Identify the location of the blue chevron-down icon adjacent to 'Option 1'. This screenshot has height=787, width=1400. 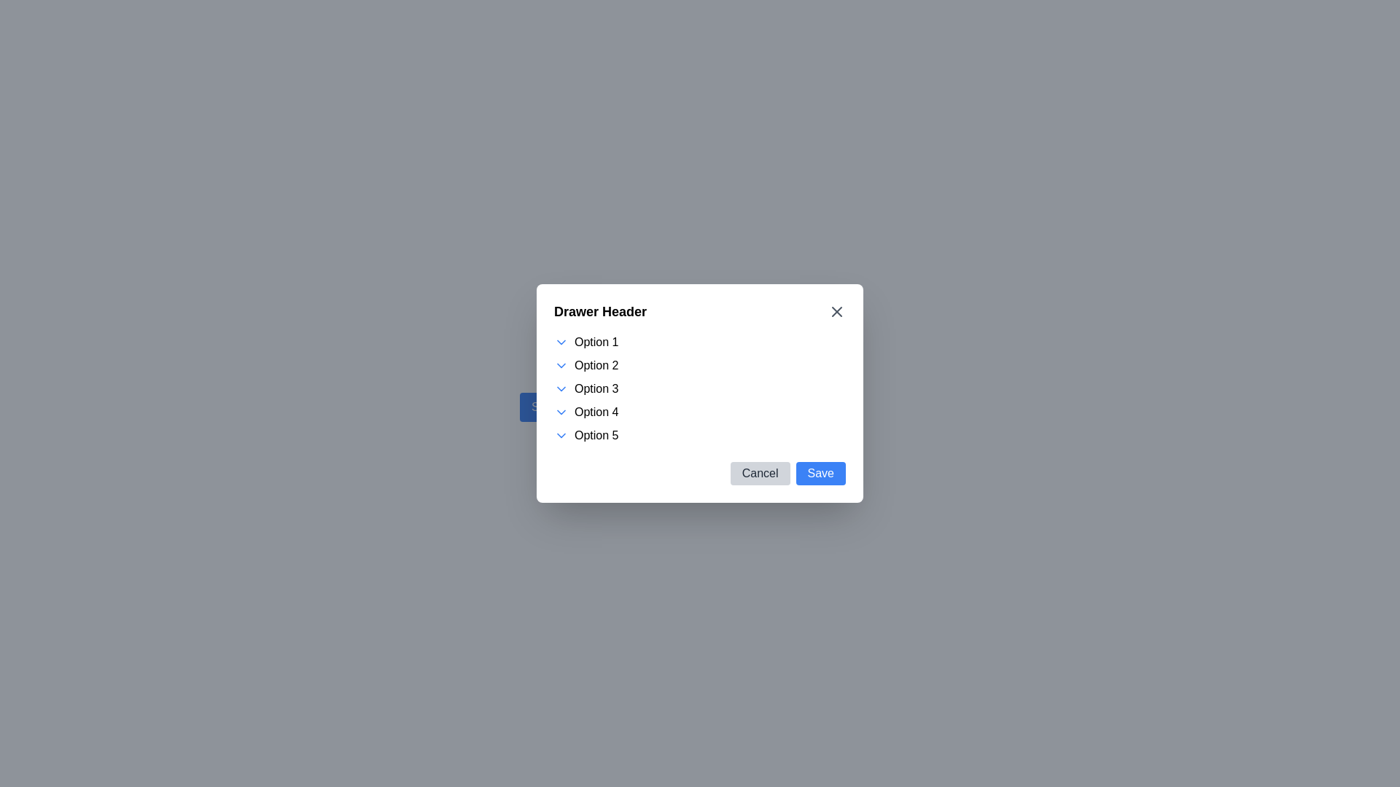
(560, 342).